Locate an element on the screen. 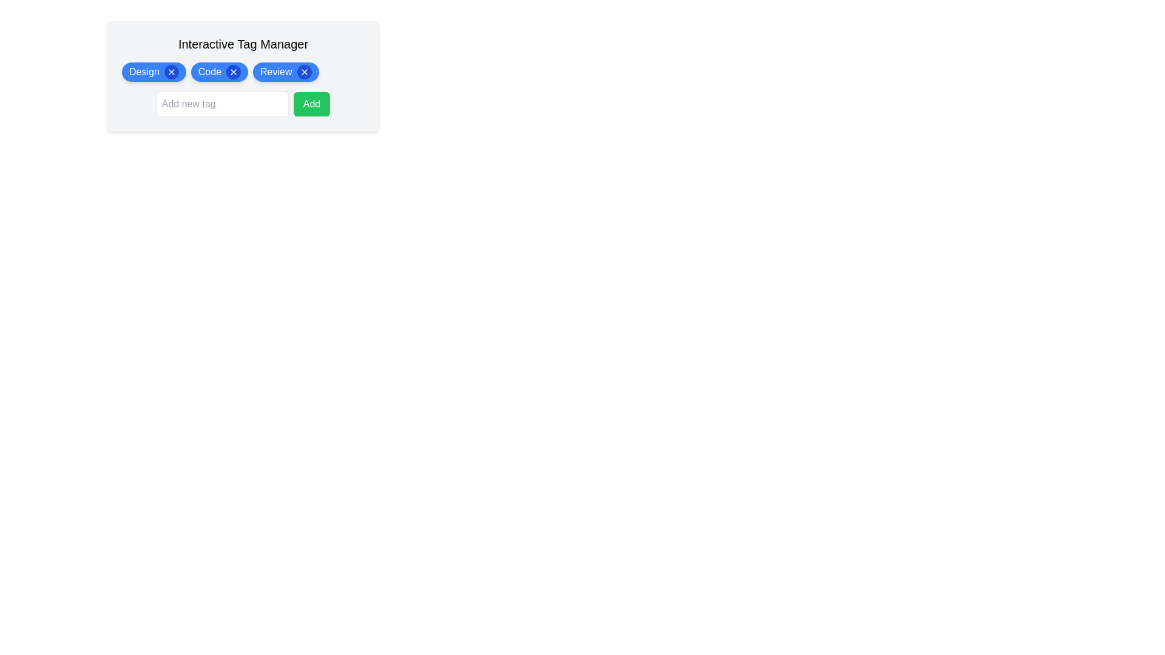 This screenshot has width=1165, height=655. the blue rounded button with an icon is located at coordinates (234, 72).